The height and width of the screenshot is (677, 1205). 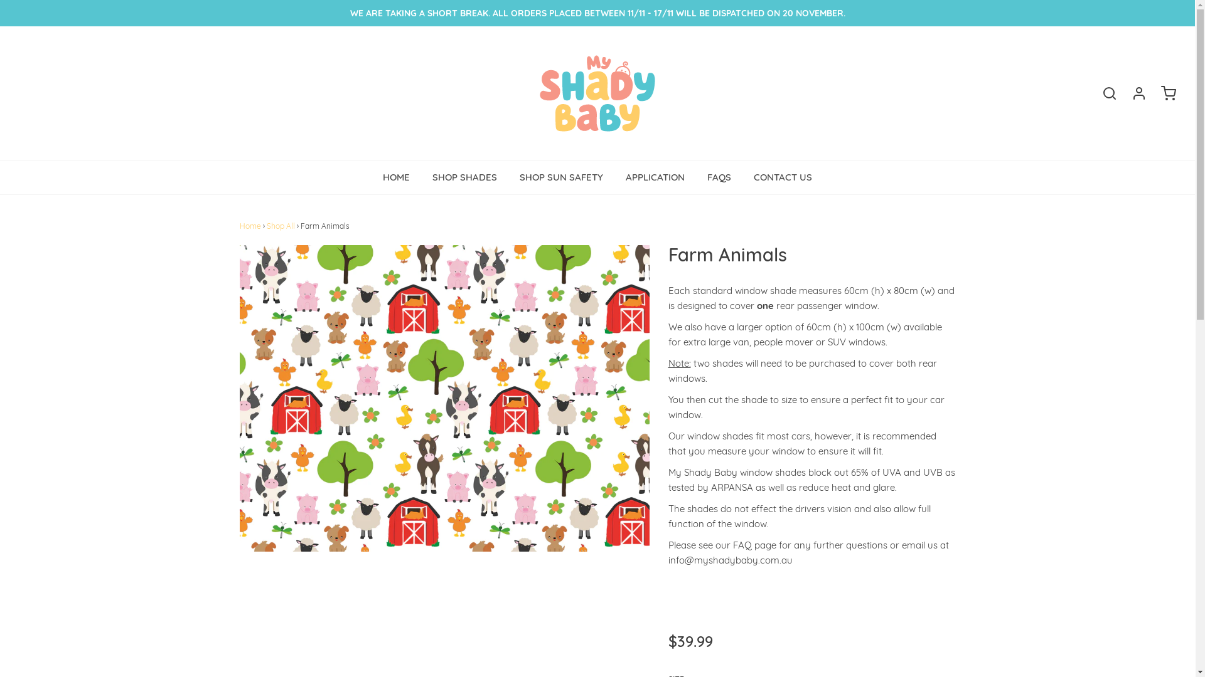 What do you see at coordinates (464, 177) in the screenshot?
I see `'SHOP SHADES'` at bounding box center [464, 177].